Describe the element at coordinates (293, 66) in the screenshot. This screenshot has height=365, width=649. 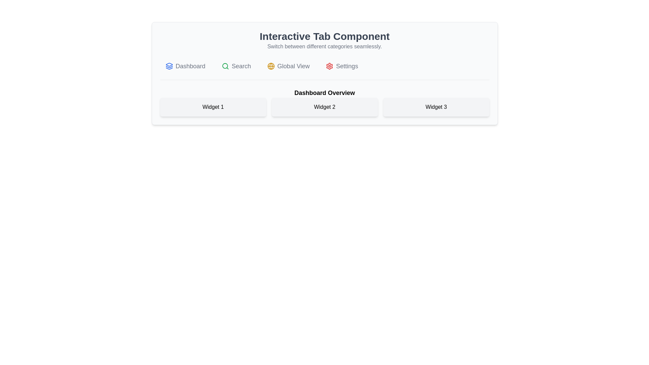
I see `the 'Global View' text label in the navigation bar` at that location.